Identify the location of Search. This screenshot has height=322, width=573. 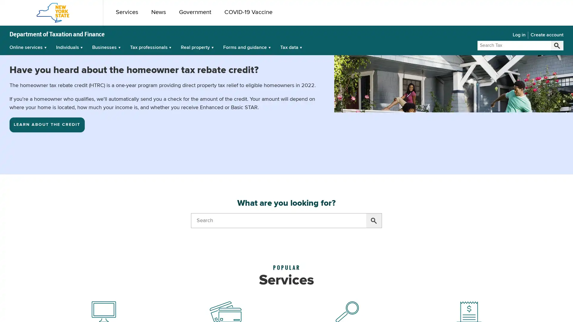
(373, 221).